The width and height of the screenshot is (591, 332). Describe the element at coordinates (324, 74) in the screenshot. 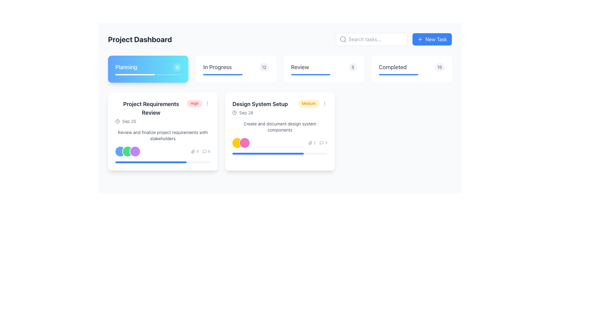

I see `the progress bar located below the title 'Review' that visually represents the completion status of tasks in the 'Review' category` at that location.